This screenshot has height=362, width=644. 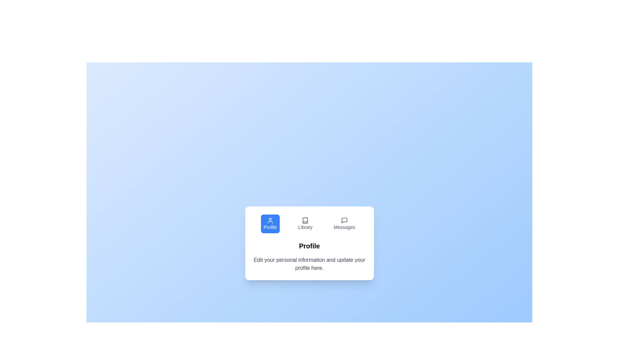 I want to click on the Profile tab, so click(x=270, y=224).